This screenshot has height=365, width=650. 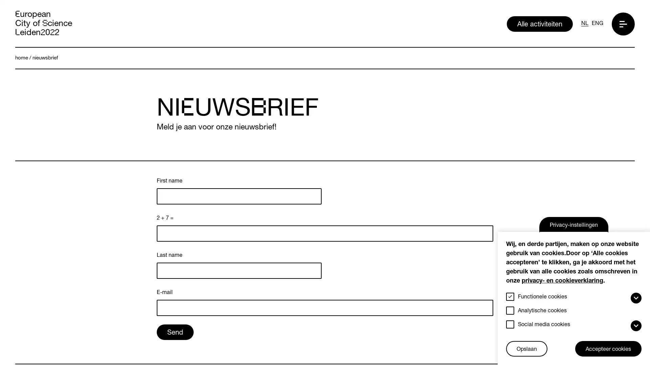 What do you see at coordinates (608, 349) in the screenshot?
I see `Accepteer cookies` at bounding box center [608, 349].